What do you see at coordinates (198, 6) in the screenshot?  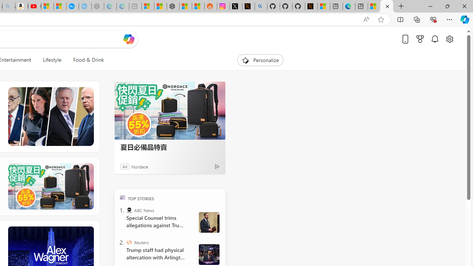 I see `'Shanghai, China Weather trends | Microsoft Weather'` at bounding box center [198, 6].